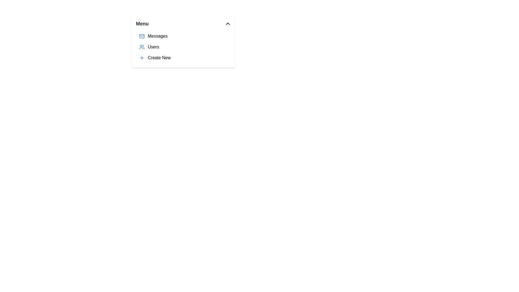 This screenshot has height=292, width=519. I want to click on the 'Messages' text label, which is located directly to the right of the mail icon in the dropdown menu labeled 'Menu', so click(157, 36).